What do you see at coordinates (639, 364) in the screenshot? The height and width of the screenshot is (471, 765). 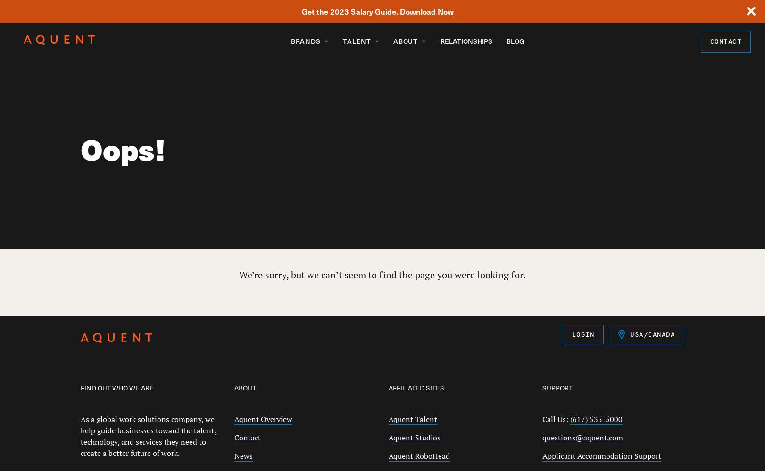 I see `'Australia'` at bounding box center [639, 364].